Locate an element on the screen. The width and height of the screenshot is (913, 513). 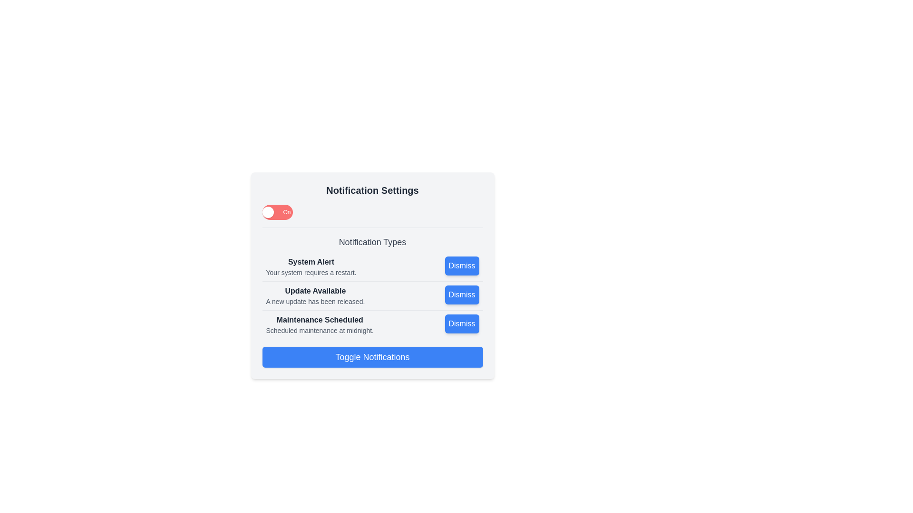
text from the third notification entry about the upcoming scheduled maintenance event, located below the 'Update Available' notification and above the 'Dismiss' button is located at coordinates (320, 324).